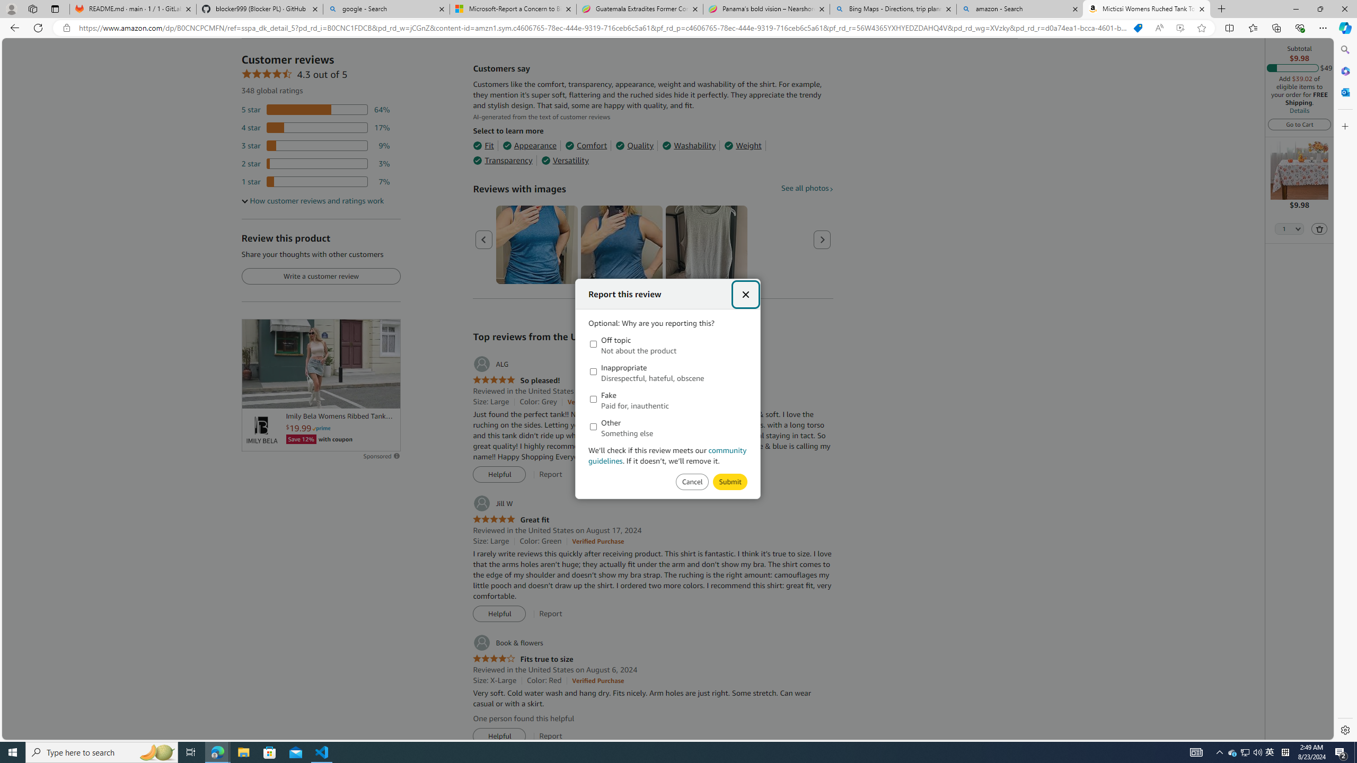  What do you see at coordinates (635, 146) in the screenshot?
I see `'Quality'` at bounding box center [635, 146].